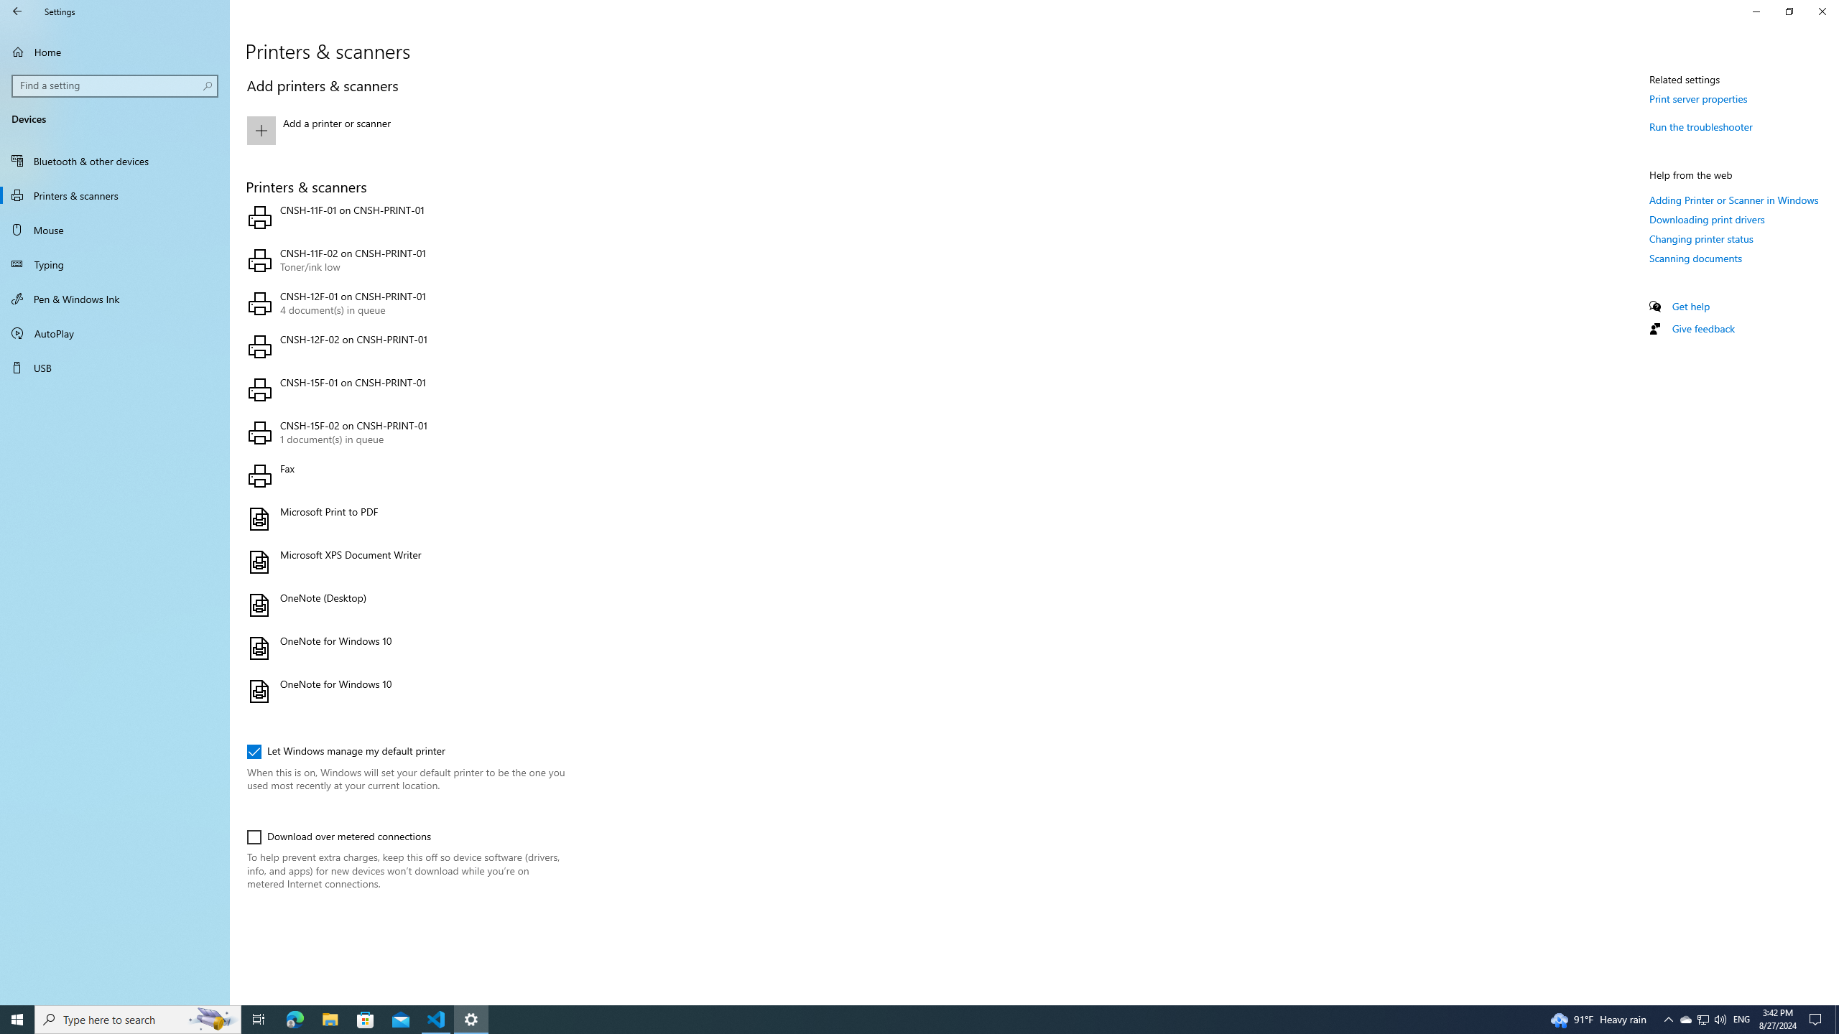  Describe the element at coordinates (114, 332) in the screenshot. I see `'AutoPlay'` at that location.